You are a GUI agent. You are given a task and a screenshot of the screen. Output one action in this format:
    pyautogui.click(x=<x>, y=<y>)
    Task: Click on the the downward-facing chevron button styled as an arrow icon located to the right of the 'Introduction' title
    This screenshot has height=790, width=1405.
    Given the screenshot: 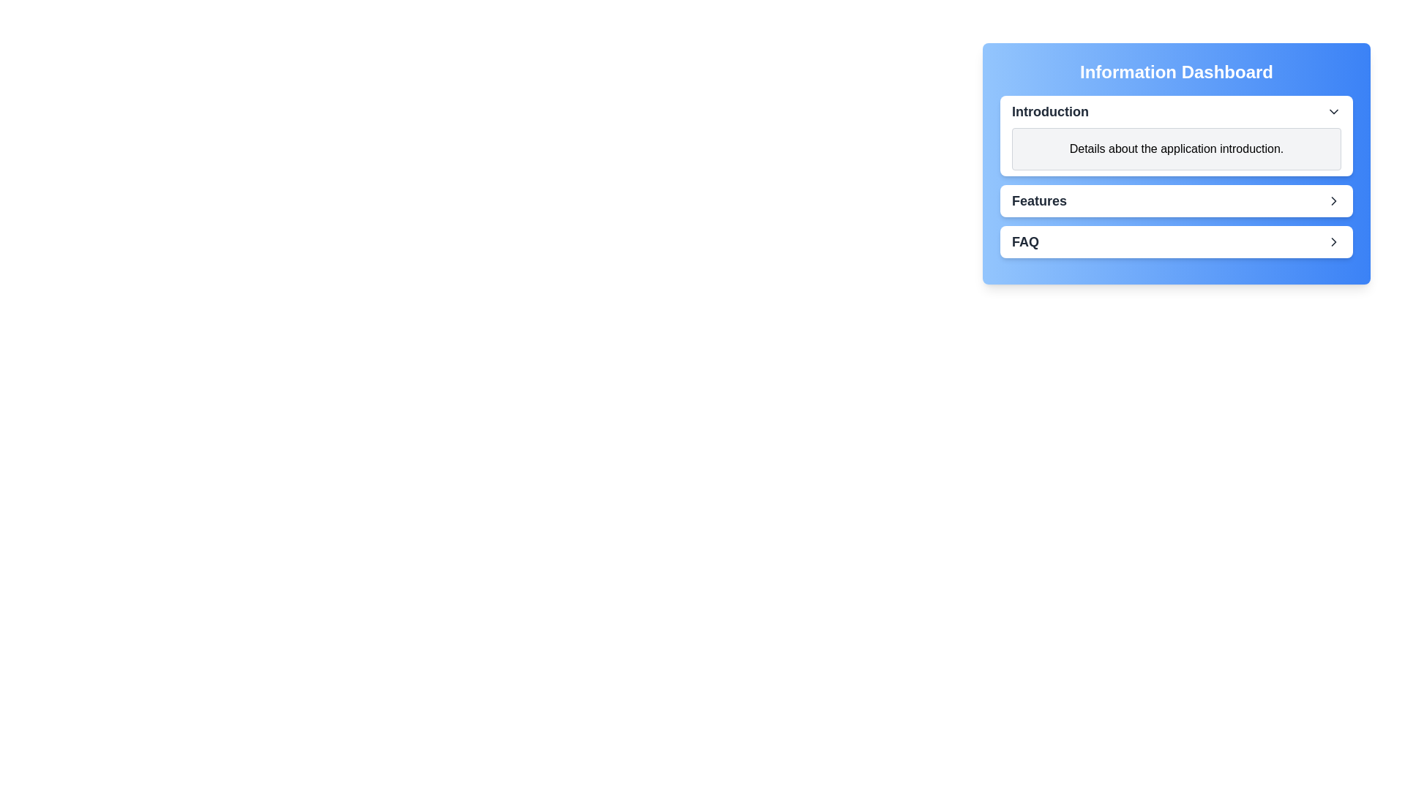 What is the action you would take?
    pyautogui.click(x=1334, y=111)
    